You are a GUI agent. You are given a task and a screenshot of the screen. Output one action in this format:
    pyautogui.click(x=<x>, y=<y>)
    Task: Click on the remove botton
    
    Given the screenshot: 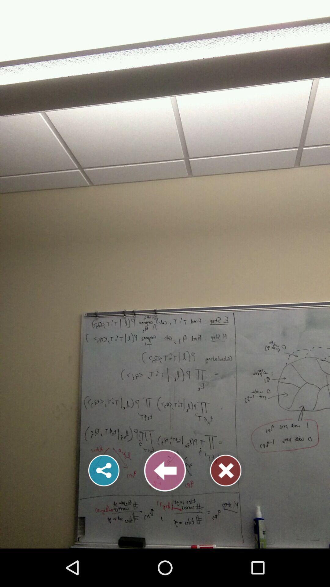 What is the action you would take?
    pyautogui.click(x=226, y=470)
    